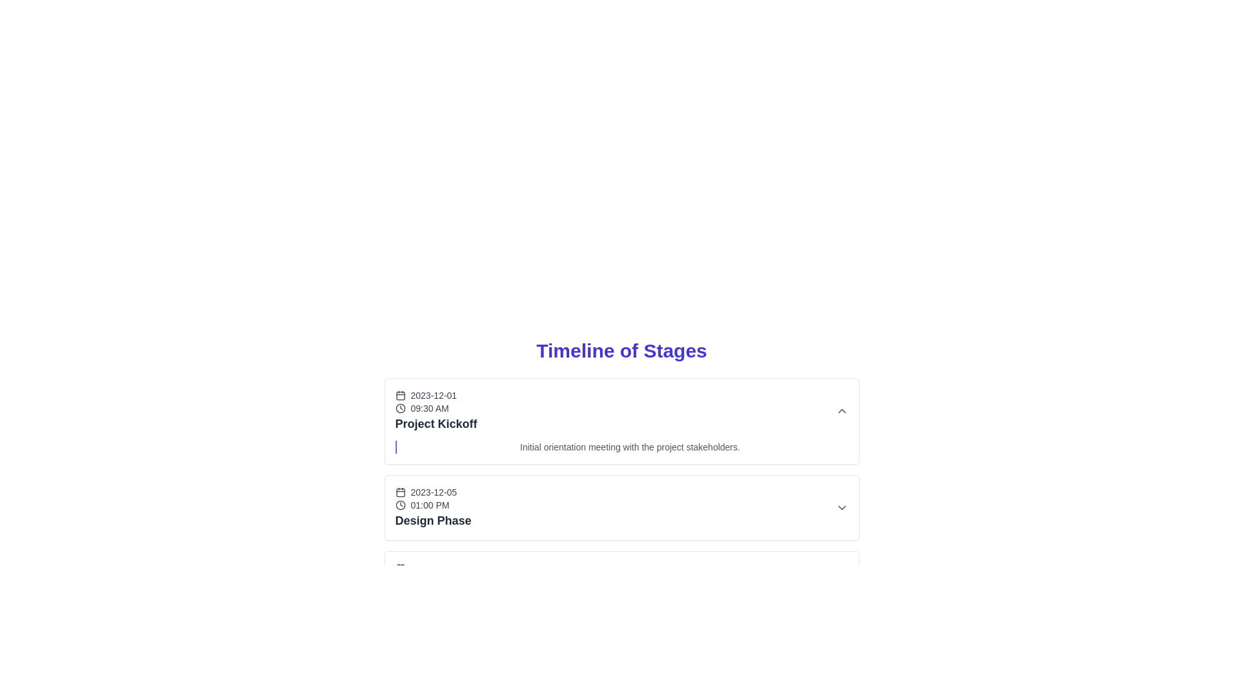 The height and width of the screenshot is (697, 1239). What do you see at coordinates (630, 447) in the screenshot?
I see `the Text label displaying 'Initial orientation meeting with the project stakeholders.' located under the 'Project Kickoff' section` at bounding box center [630, 447].